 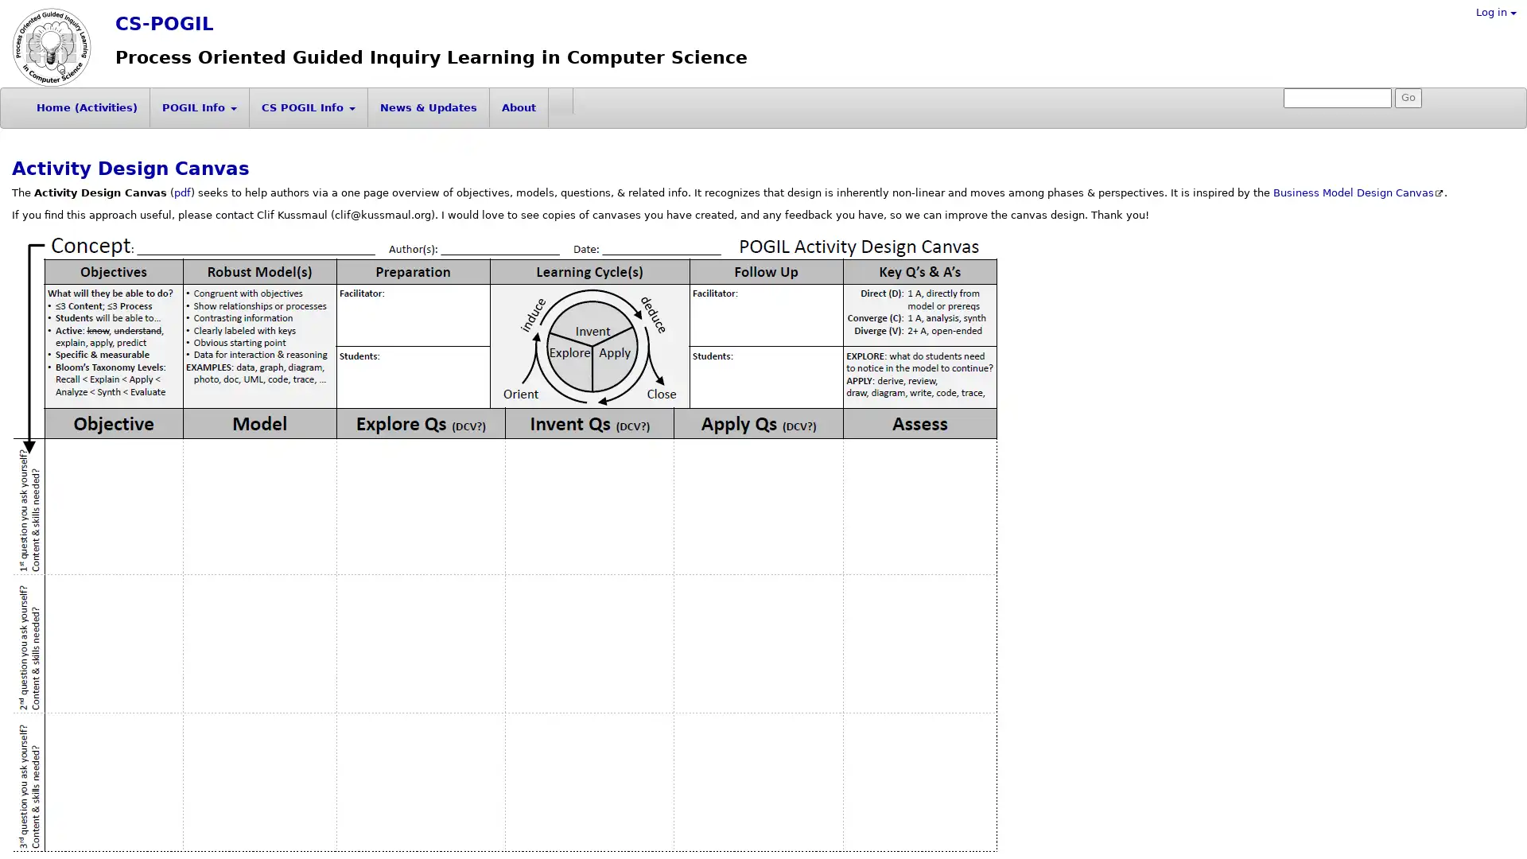 I want to click on Go, so click(x=1408, y=98).